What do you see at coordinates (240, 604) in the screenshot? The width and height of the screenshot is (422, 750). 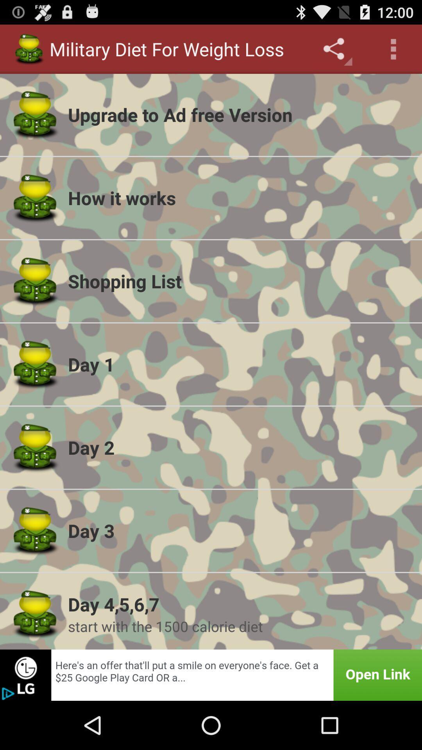 I see `item above the start with the icon` at bounding box center [240, 604].